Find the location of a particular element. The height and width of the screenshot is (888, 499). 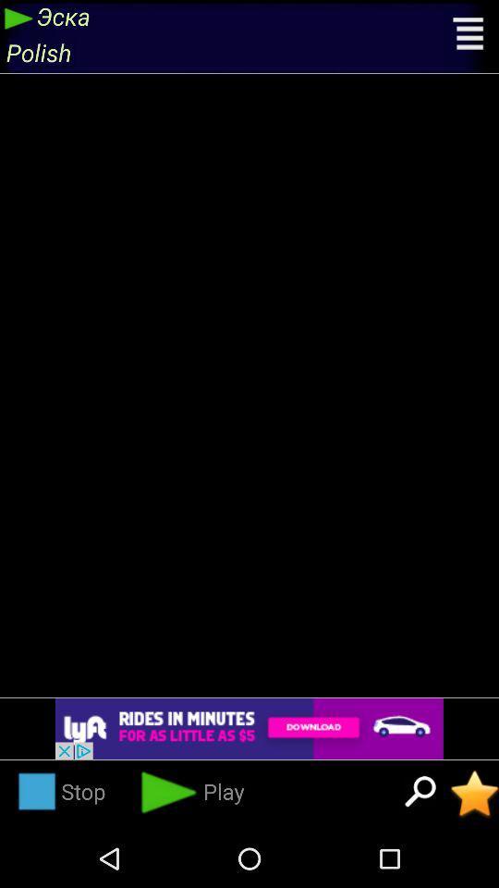

menu is located at coordinates (469, 35).